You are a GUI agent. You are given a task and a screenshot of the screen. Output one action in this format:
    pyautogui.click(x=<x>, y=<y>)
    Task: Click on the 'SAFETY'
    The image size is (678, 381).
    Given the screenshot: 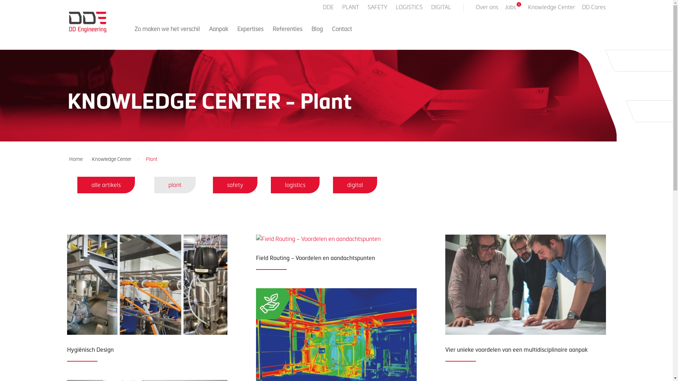 What is the action you would take?
    pyautogui.click(x=377, y=9)
    